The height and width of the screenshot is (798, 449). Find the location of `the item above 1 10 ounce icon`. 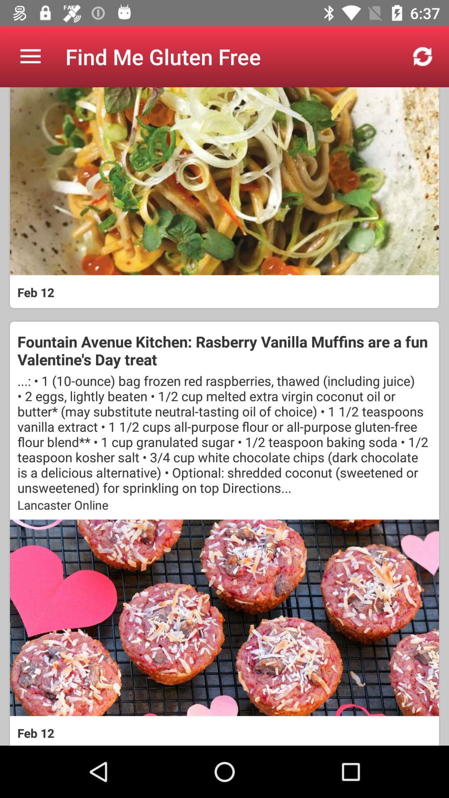

the item above 1 10 ounce icon is located at coordinates (224, 350).